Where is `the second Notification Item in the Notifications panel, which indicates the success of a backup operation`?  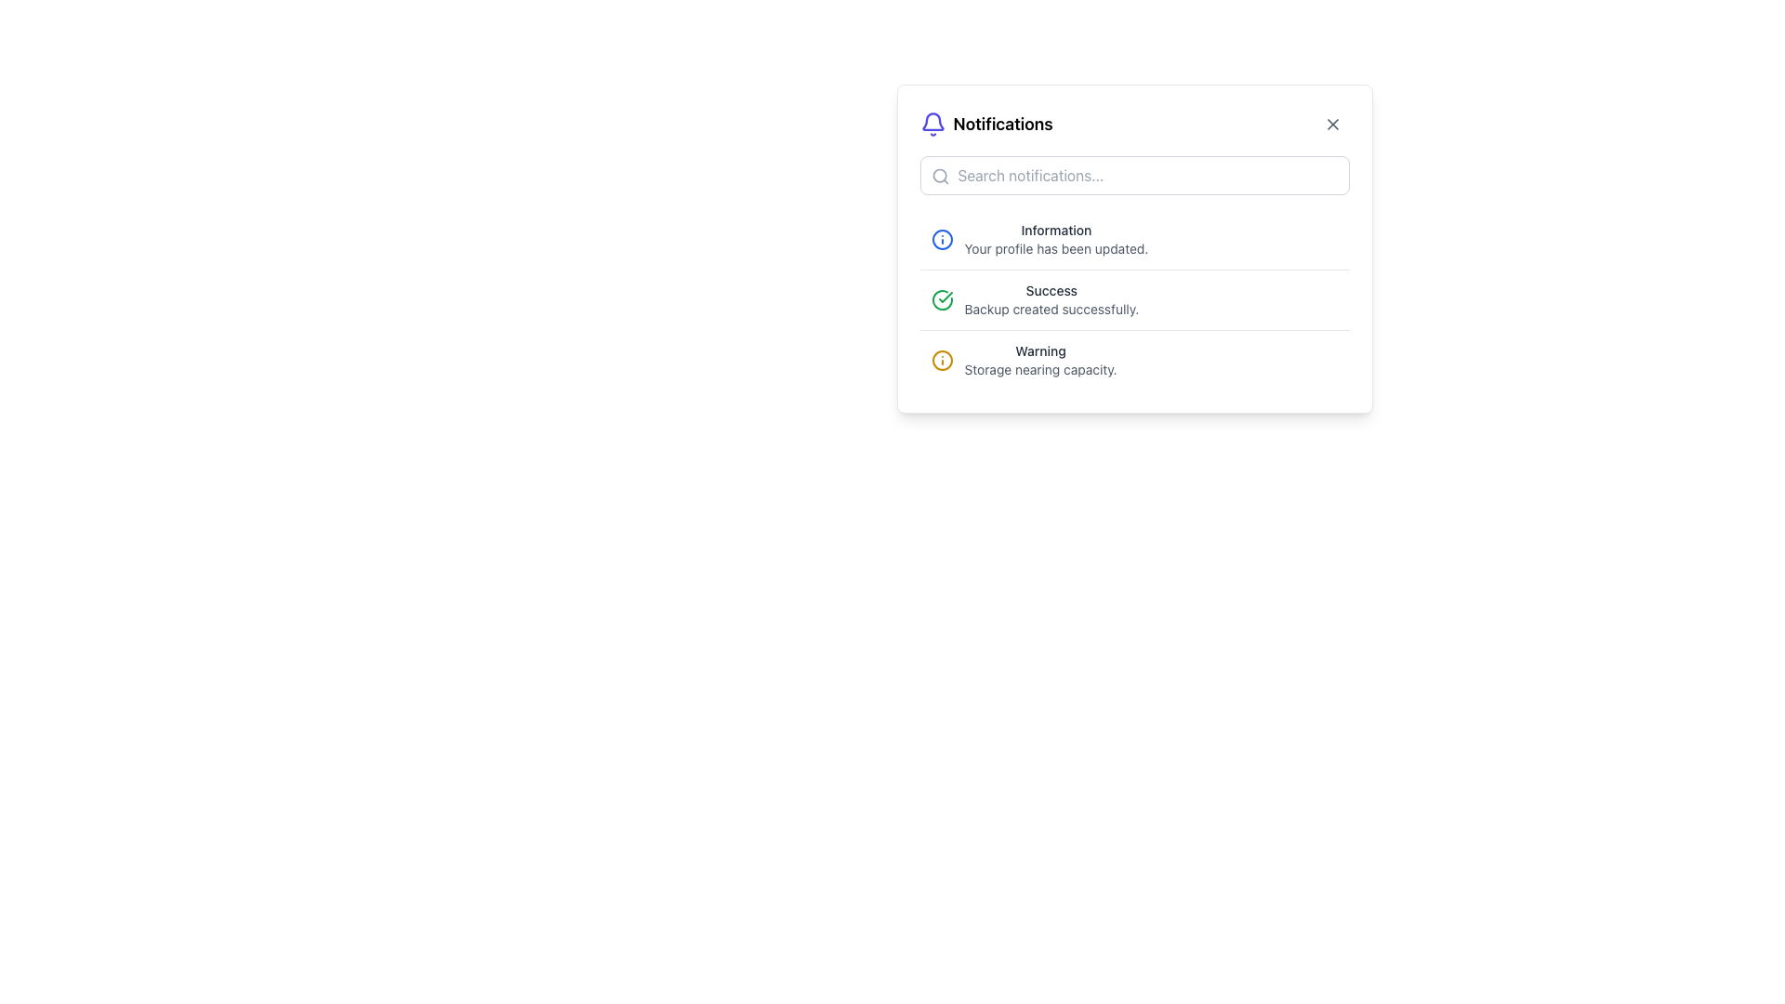 the second Notification Item in the Notifications panel, which indicates the success of a backup operation is located at coordinates (1133, 298).